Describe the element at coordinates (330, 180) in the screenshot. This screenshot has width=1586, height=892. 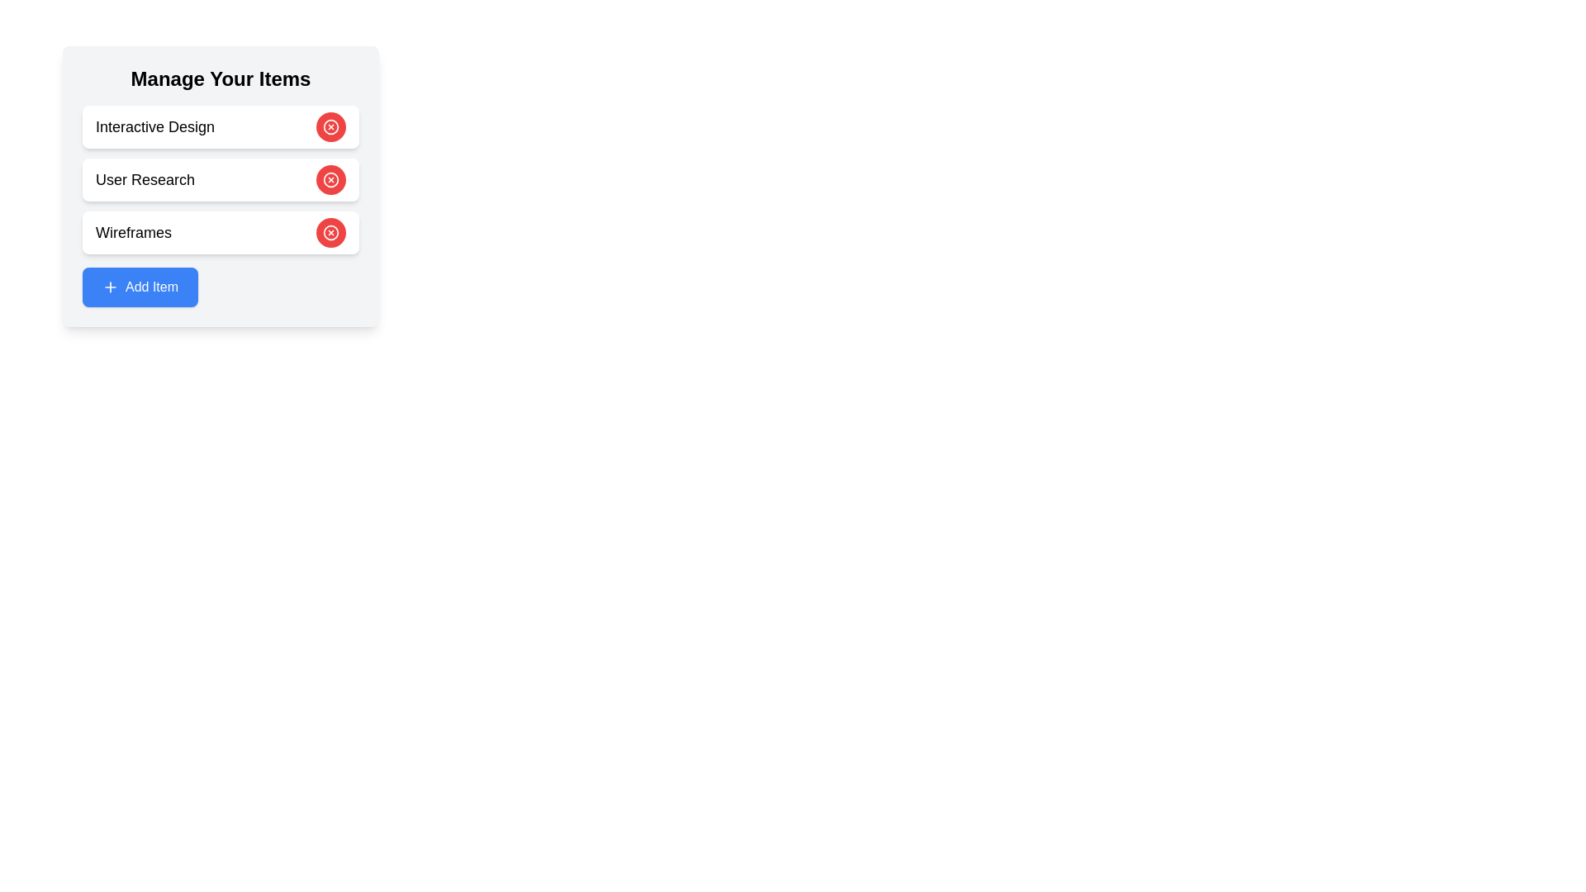
I see `'Remove' button for the item with content User Research` at that location.